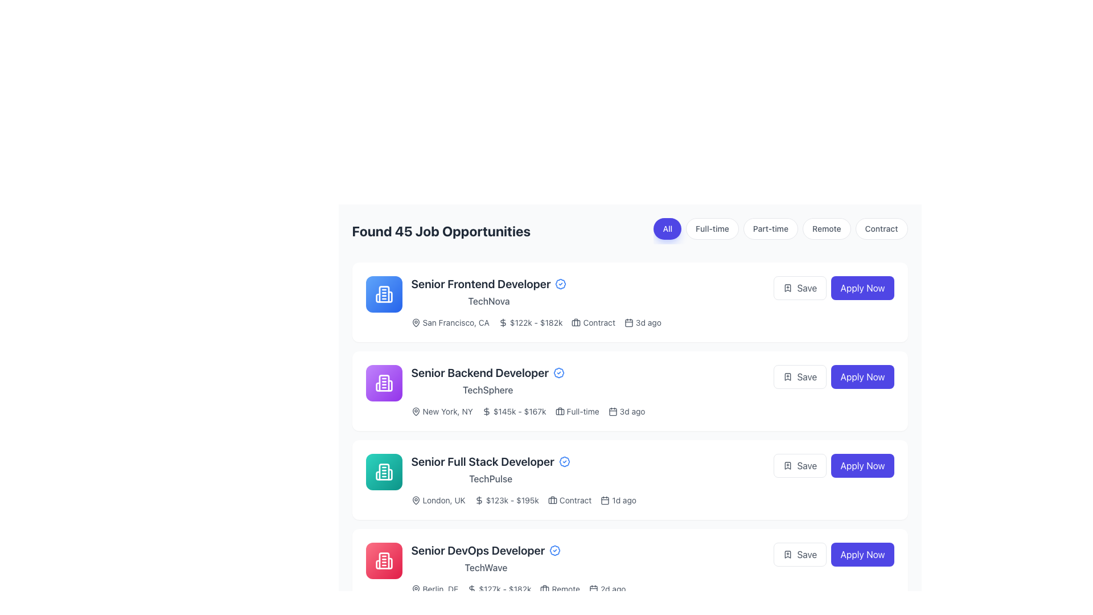 The width and height of the screenshot is (1093, 615). Describe the element at coordinates (605, 500) in the screenshot. I see `the inner rectangle within the calendar icon that denotes a specific date, located adjacent to the job posting details and aligned with the job title text` at that location.